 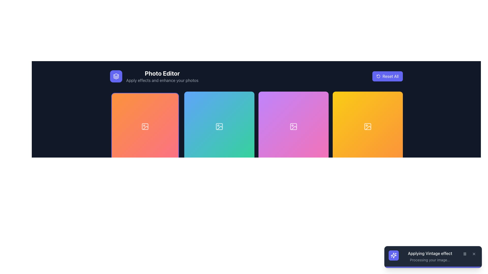 I want to click on the Notification card located in the bottom-right corner of the viewport, which indicates the ongoing process of applying a 'Vintage' effect to an image, so click(x=433, y=257).